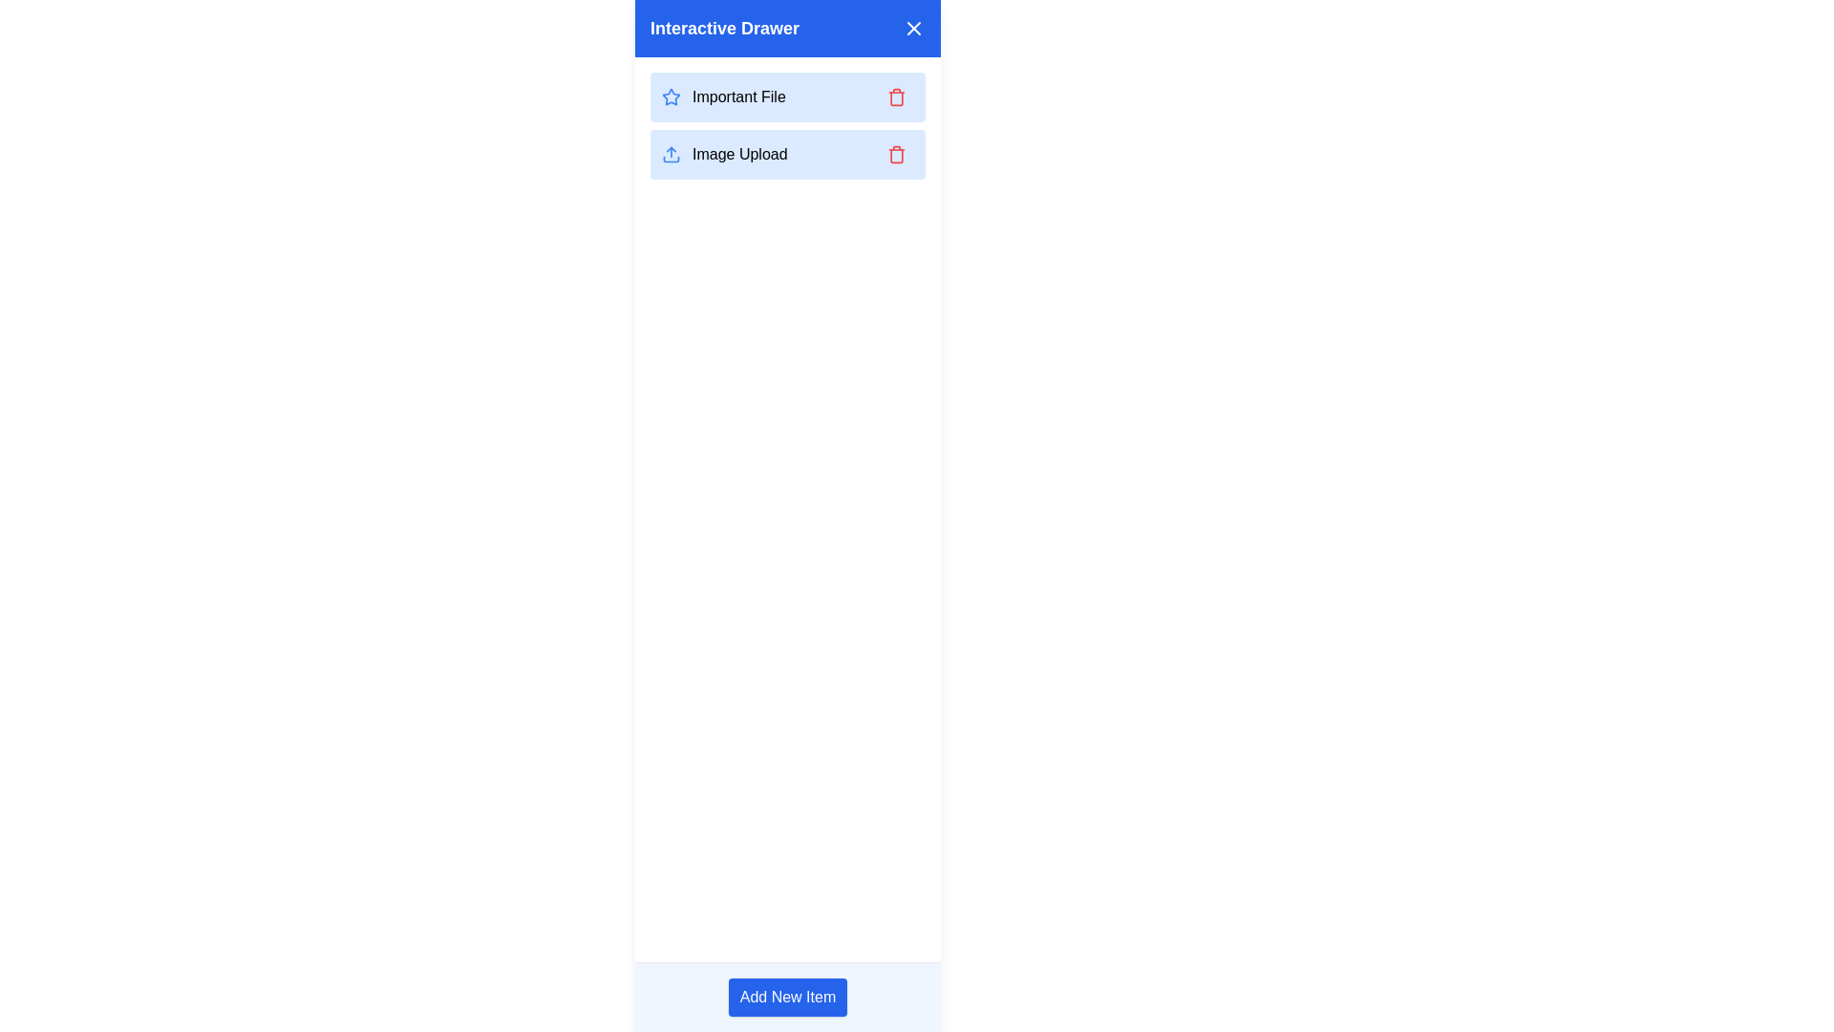 This screenshot has height=1032, width=1834. I want to click on the star icon with a blue outline indicating importance, located in the 'Important File' entry in the interactive drawer, so click(670, 96).